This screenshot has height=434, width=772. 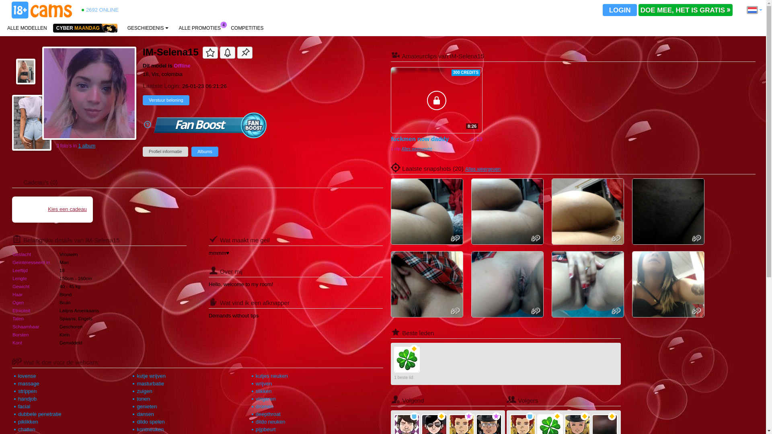 What do you see at coordinates (18, 406) in the screenshot?
I see `'facial'` at bounding box center [18, 406].